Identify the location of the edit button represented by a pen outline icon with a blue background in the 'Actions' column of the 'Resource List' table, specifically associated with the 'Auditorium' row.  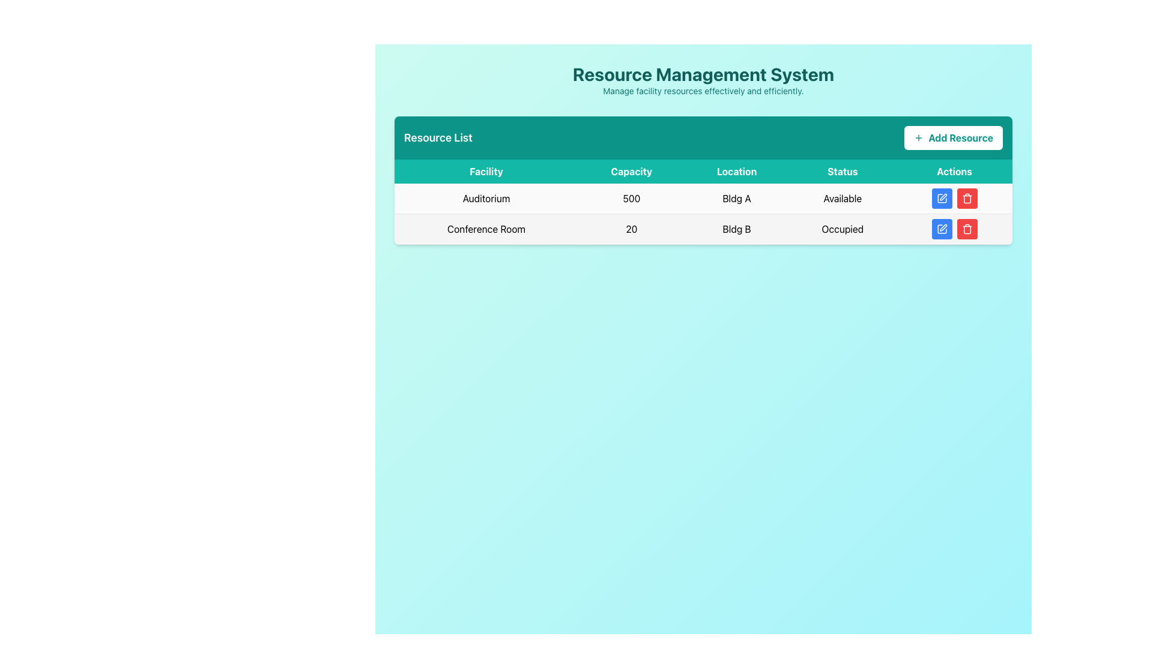
(941, 198).